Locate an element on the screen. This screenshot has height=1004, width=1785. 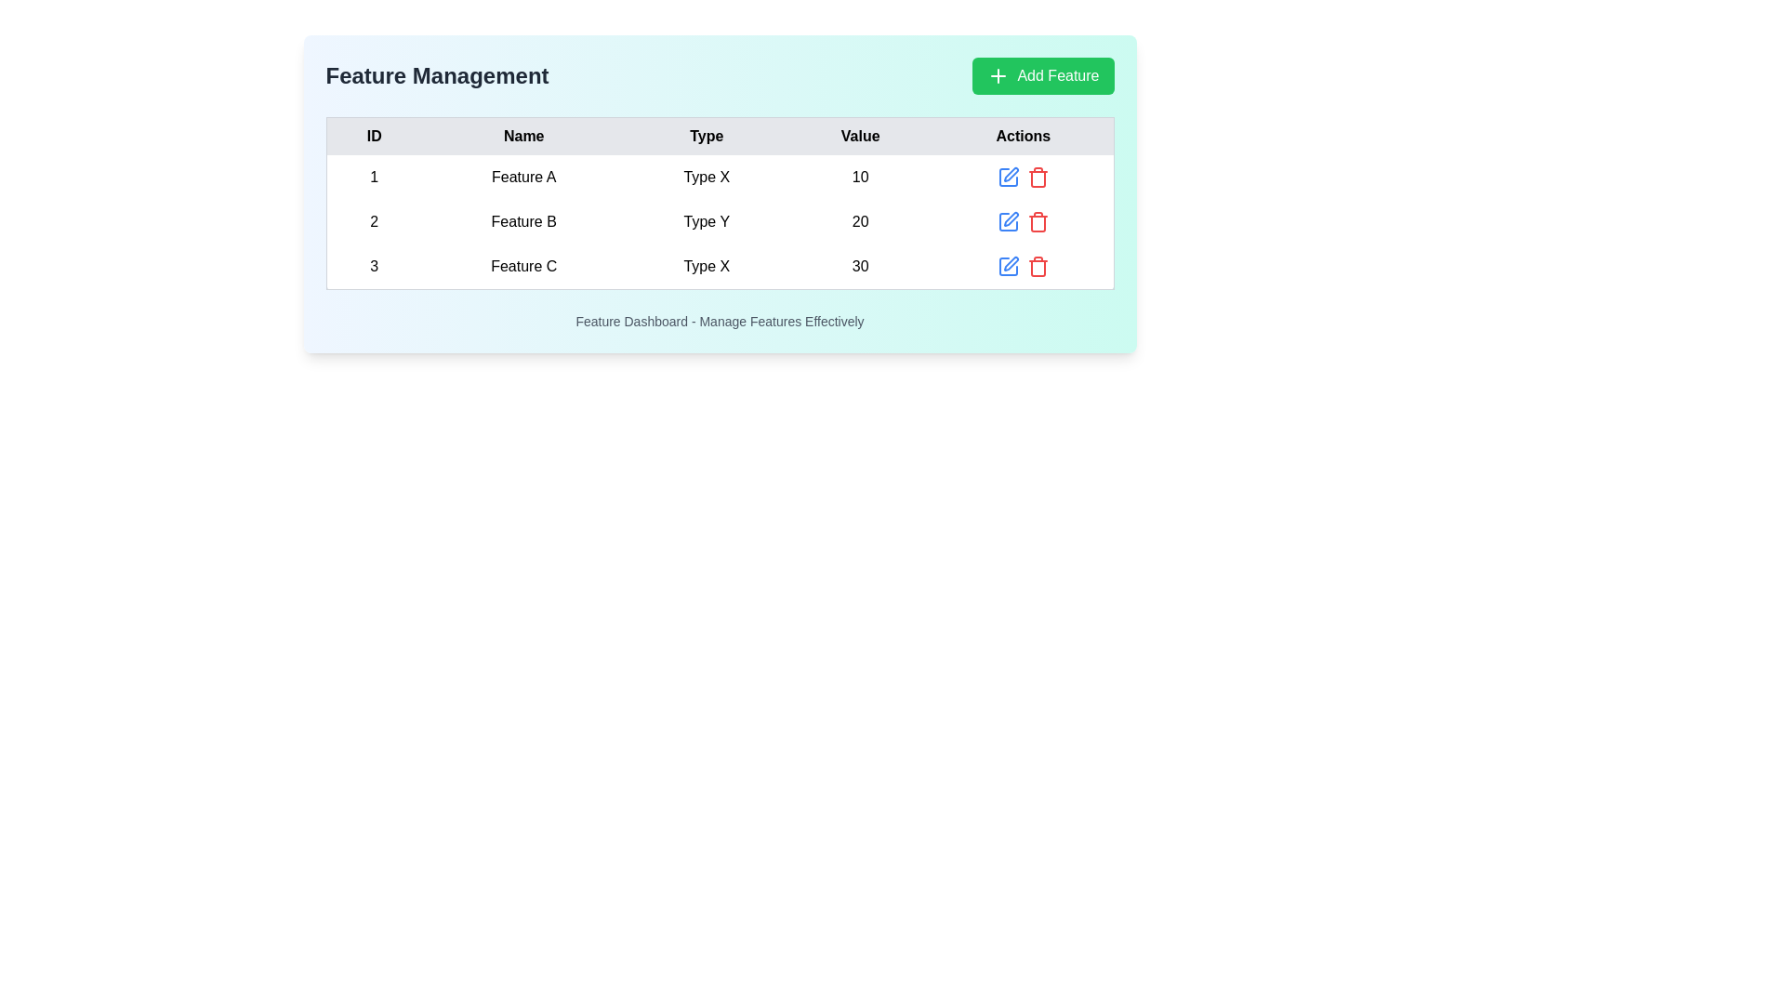
the static text label in the third column of the first row in the table, which displays the type category of the feature is located at coordinates (706, 178).